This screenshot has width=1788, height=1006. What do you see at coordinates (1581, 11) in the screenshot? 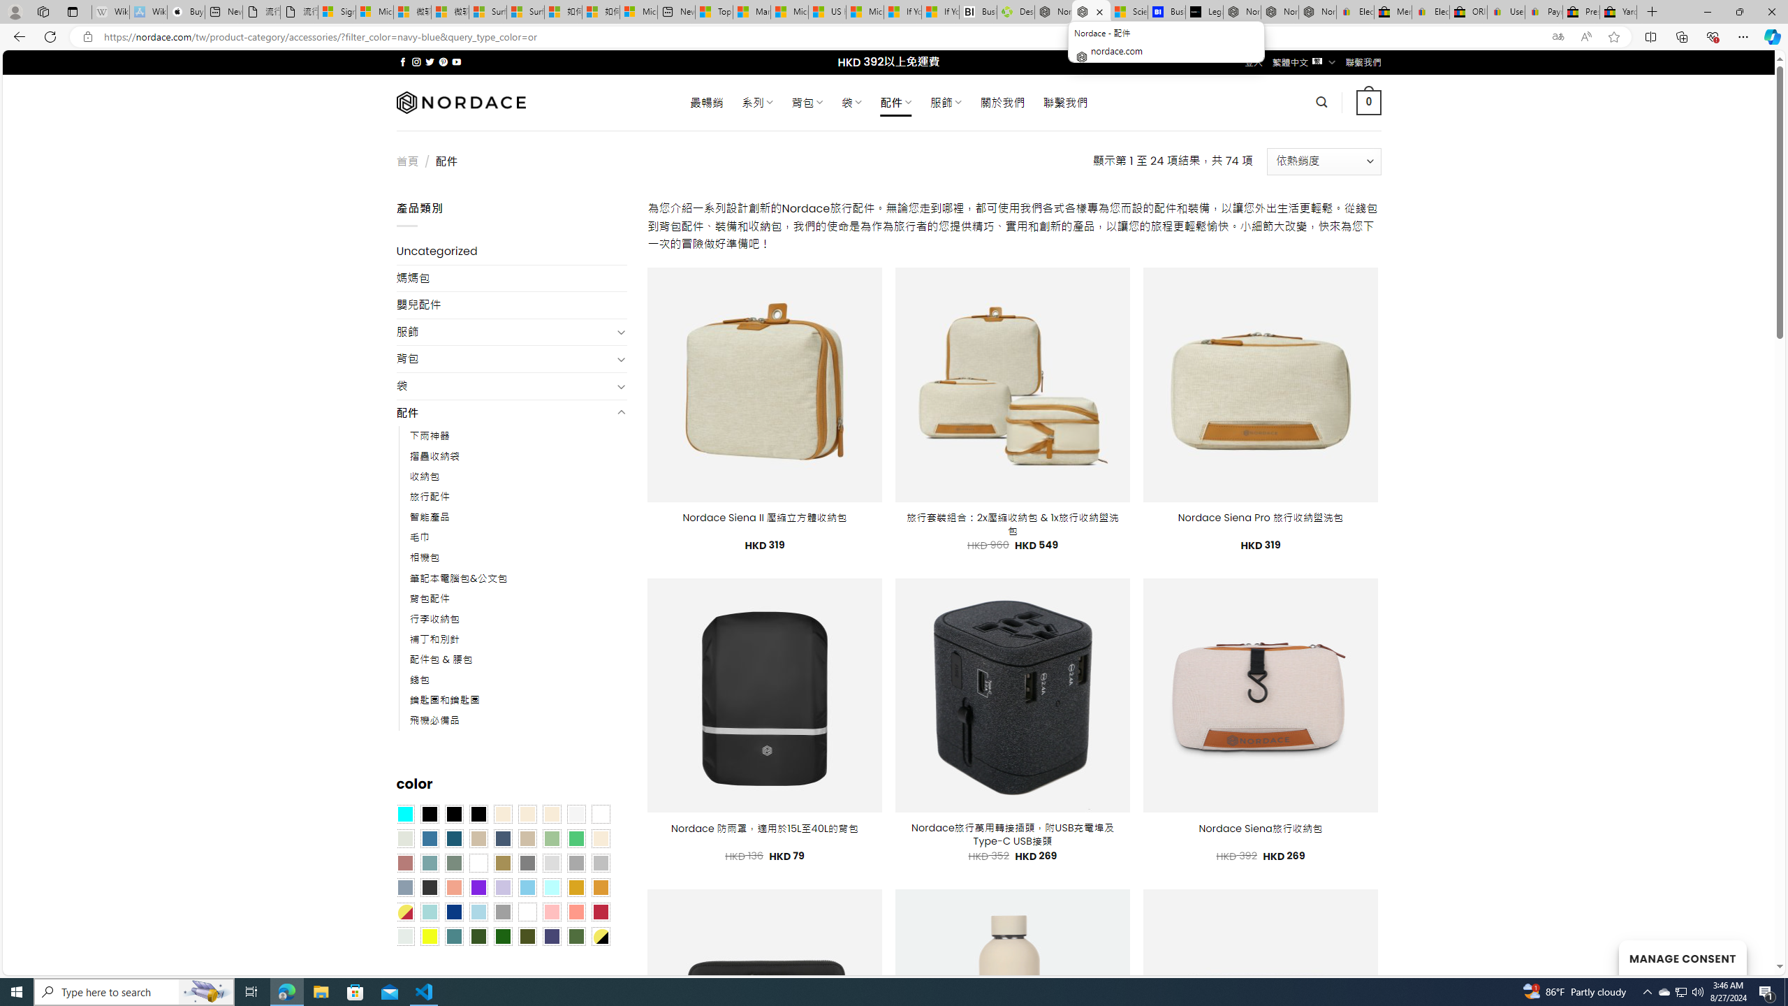
I see `'Press Room - eBay Inc.'` at bounding box center [1581, 11].